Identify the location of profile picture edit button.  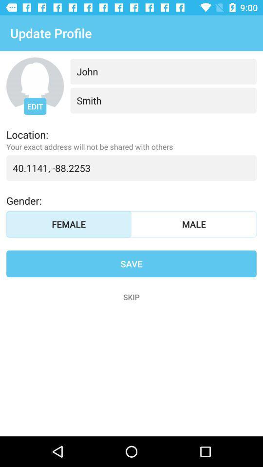
(35, 86).